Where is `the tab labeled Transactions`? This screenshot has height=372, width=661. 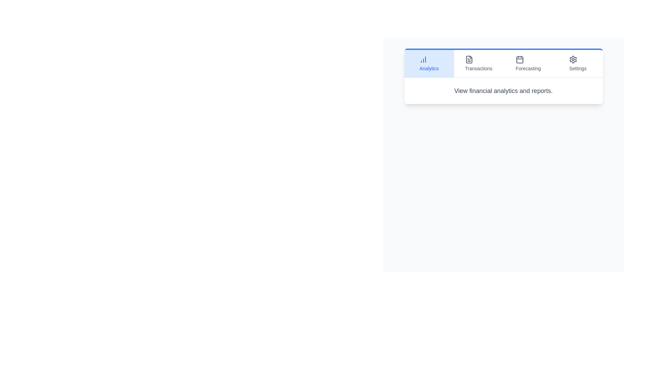
the tab labeled Transactions is located at coordinates (478, 64).